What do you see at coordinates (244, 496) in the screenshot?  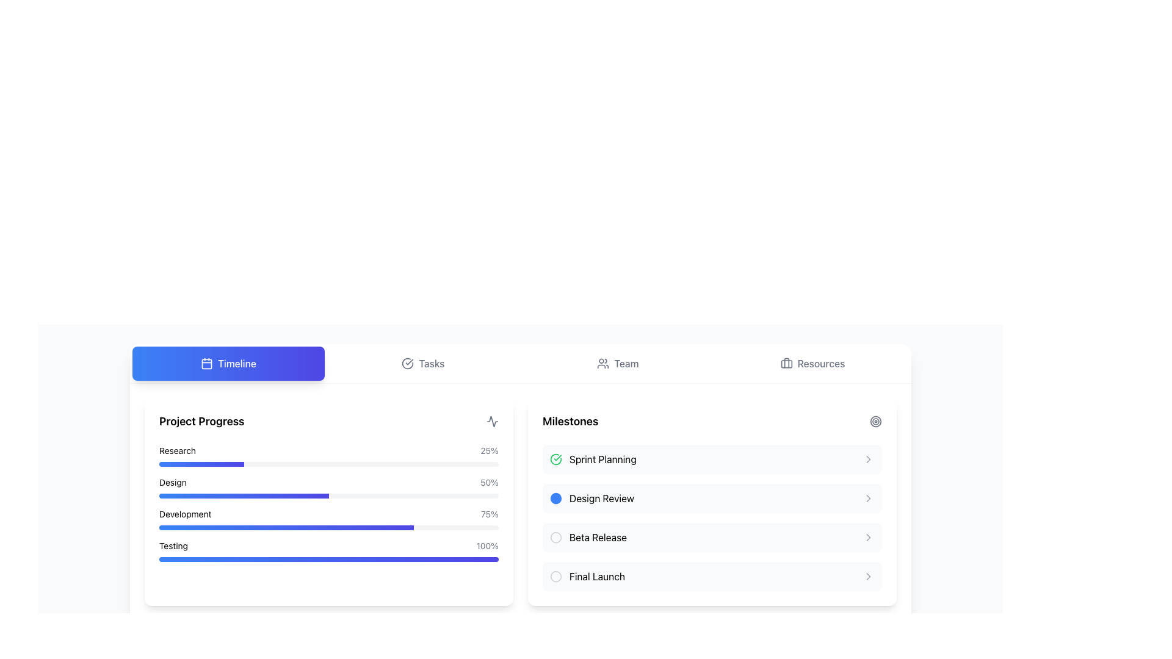 I see `the progress indicator bar that visually represents the progress of the 'Design' task within the 'Project Progress' card` at bounding box center [244, 496].